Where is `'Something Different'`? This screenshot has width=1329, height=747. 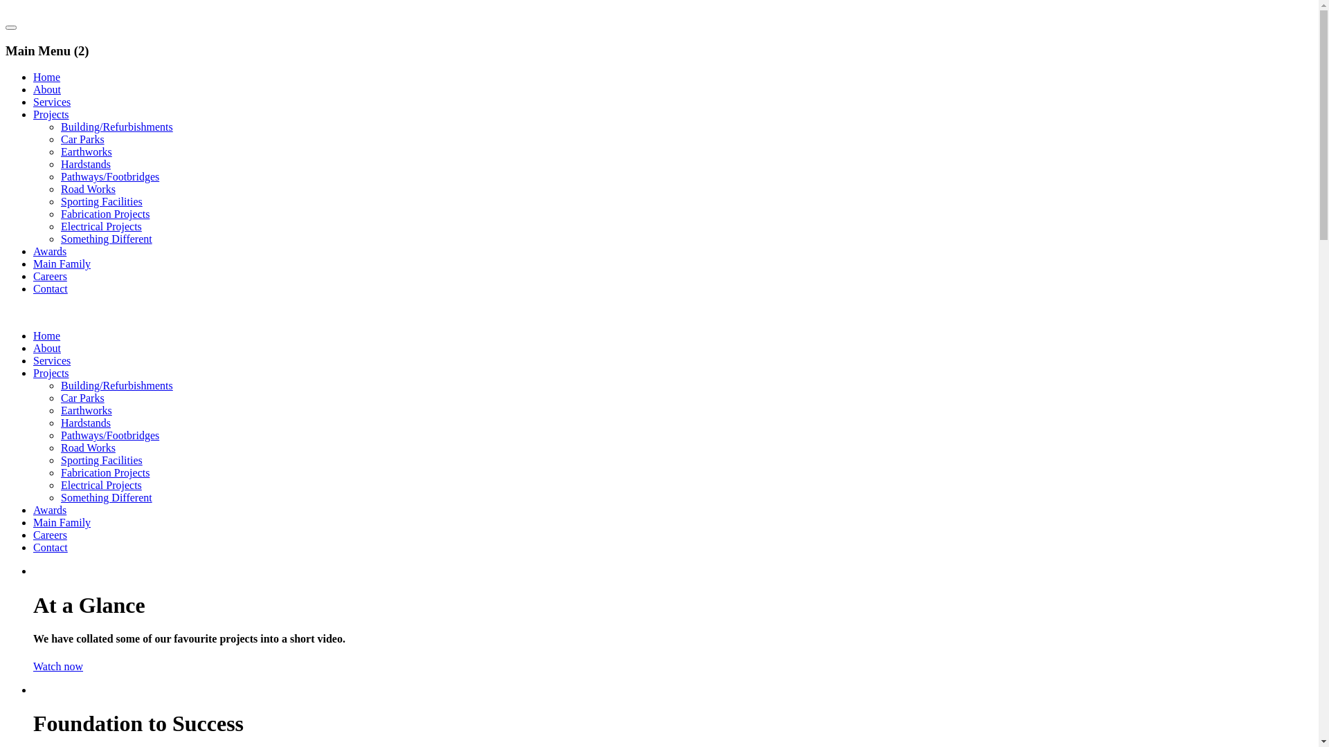
'Something Different' is located at coordinates (105, 497).